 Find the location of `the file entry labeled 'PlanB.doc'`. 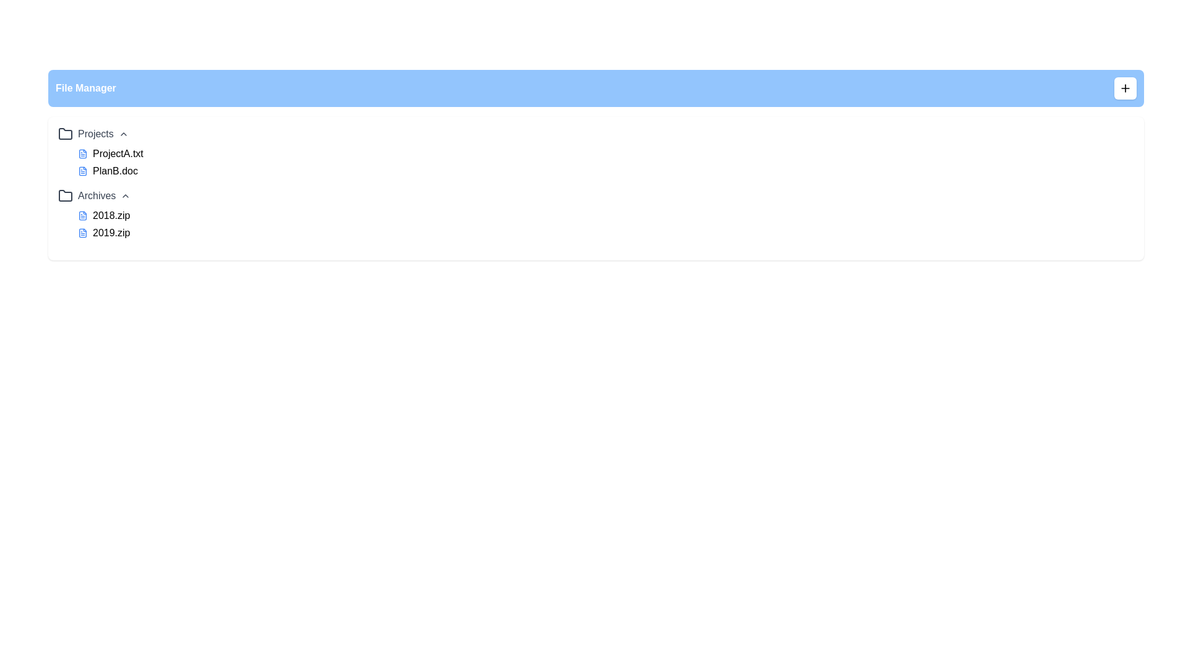

the file entry labeled 'PlanB.doc' is located at coordinates (115, 171).